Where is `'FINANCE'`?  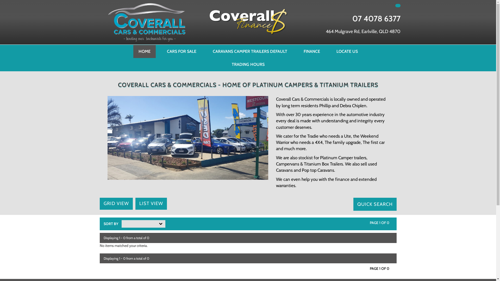
'FINANCE' is located at coordinates (312, 51).